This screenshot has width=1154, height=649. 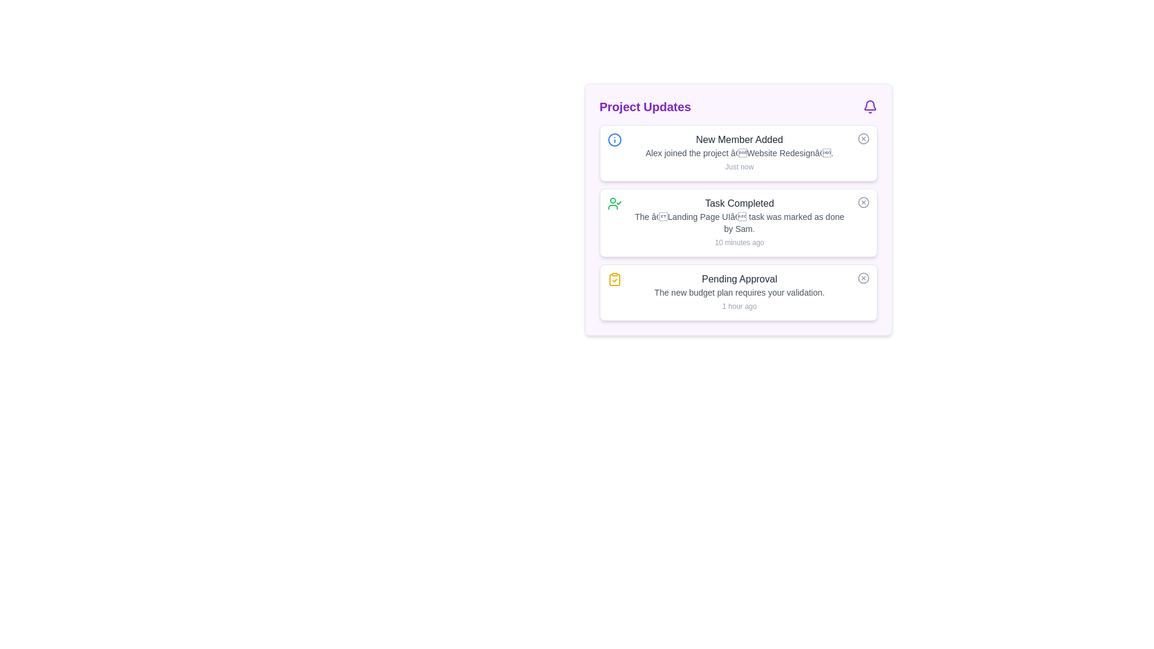 I want to click on the user icon with a checkmark, styled in green, located to the left of the 'Task Completed' title in the second notification card of the 'Project Updates' section, so click(x=614, y=203).